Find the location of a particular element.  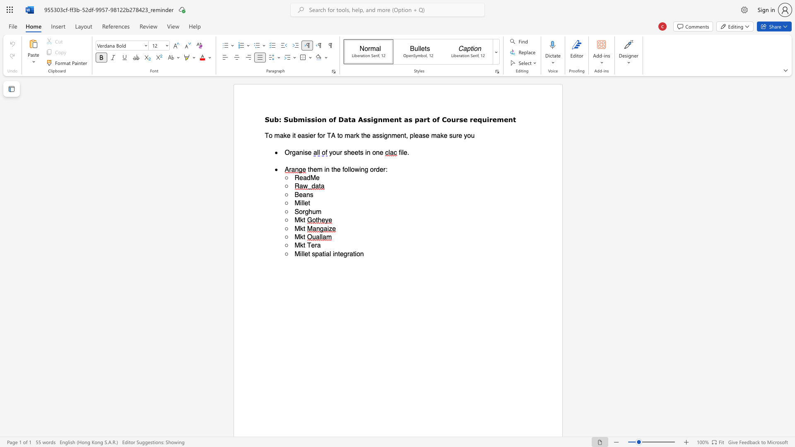

the 1th character "s" in the text is located at coordinates (308, 119).